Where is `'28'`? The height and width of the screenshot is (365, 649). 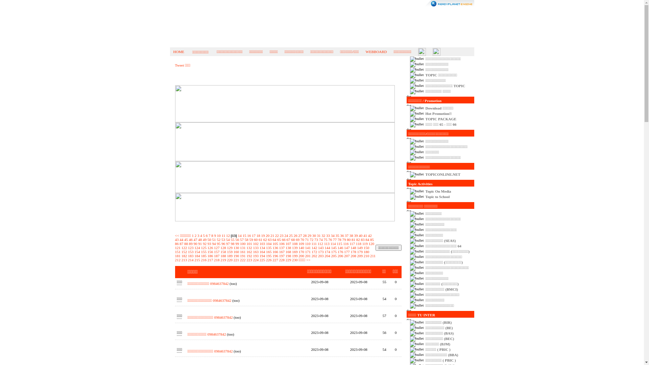
'28' is located at coordinates (304, 235).